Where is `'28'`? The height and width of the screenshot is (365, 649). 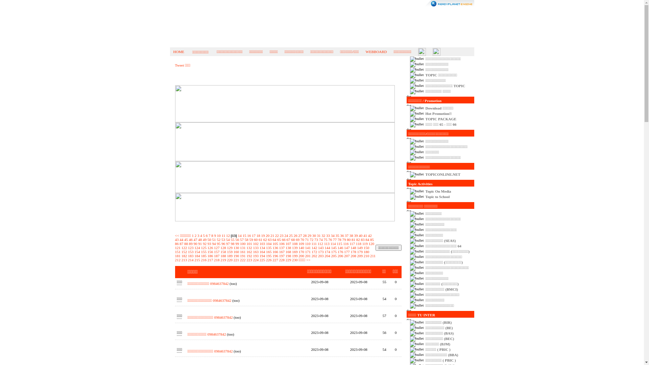
'28' is located at coordinates (304, 235).